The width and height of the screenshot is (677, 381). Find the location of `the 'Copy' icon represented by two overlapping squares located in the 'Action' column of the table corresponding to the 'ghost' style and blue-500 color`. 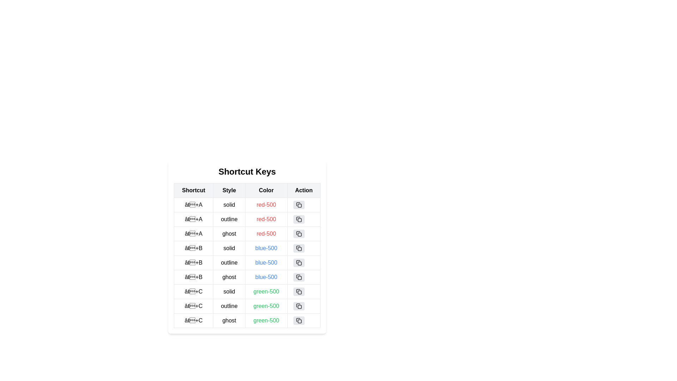

the 'Copy' icon represented by two overlapping squares located in the 'Action' column of the table corresponding to the 'ghost' style and blue-500 color is located at coordinates (299, 277).